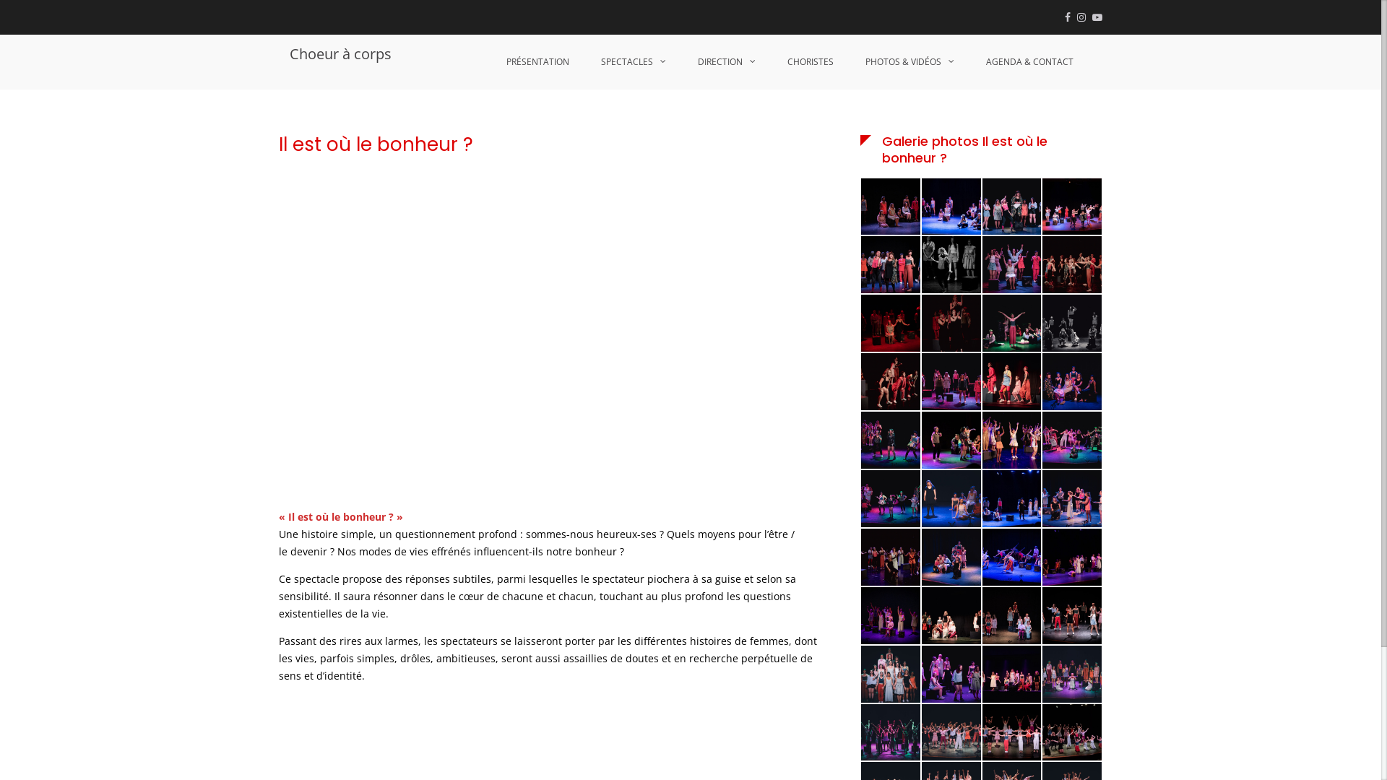  What do you see at coordinates (811, 61) in the screenshot?
I see `'CHORISTES'` at bounding box center [811, 61].